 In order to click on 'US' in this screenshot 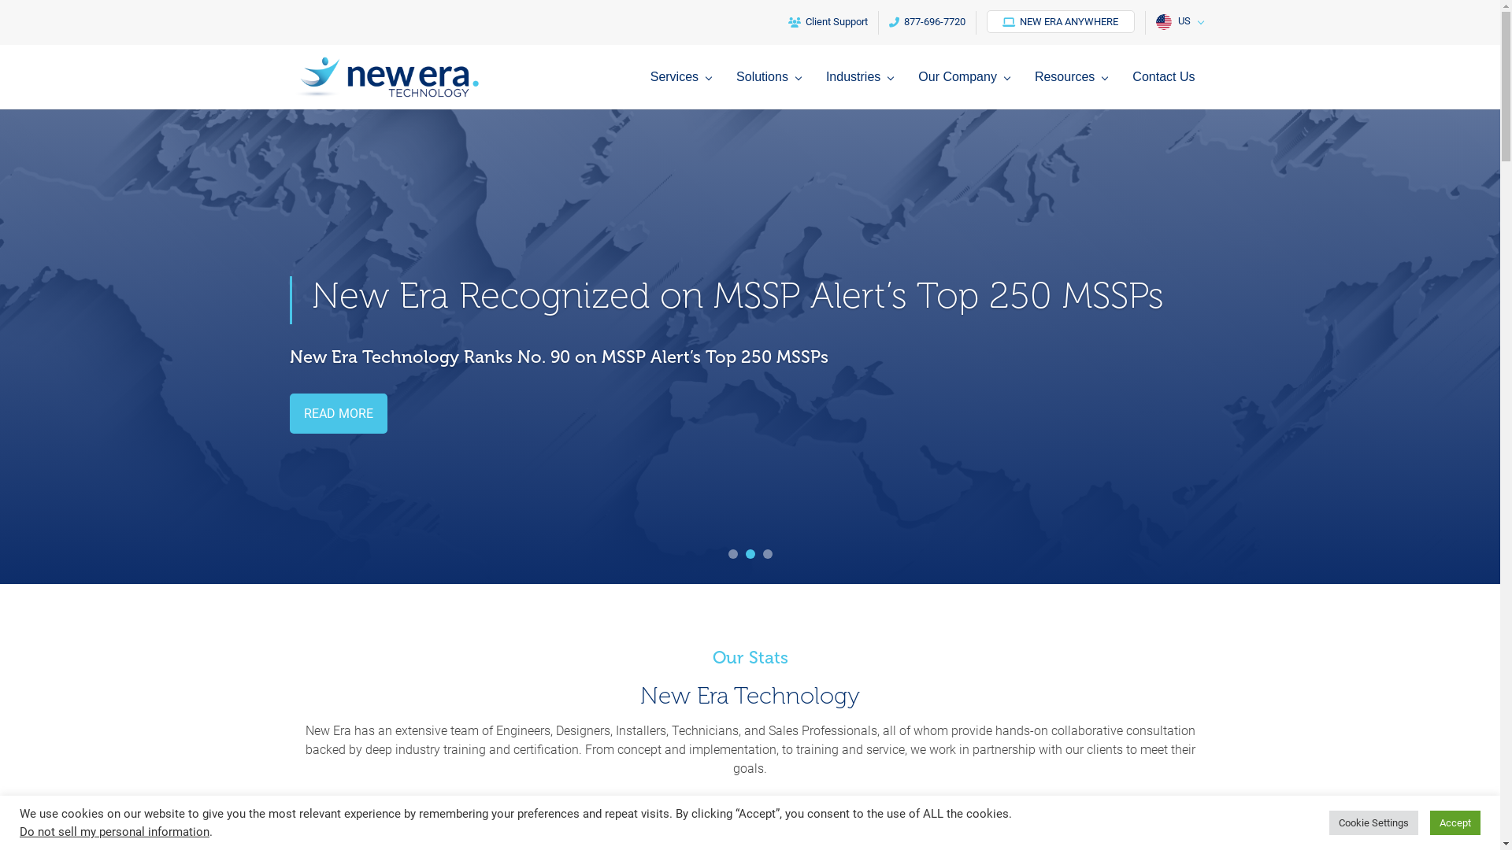, I will do `click(1178, 23)`.